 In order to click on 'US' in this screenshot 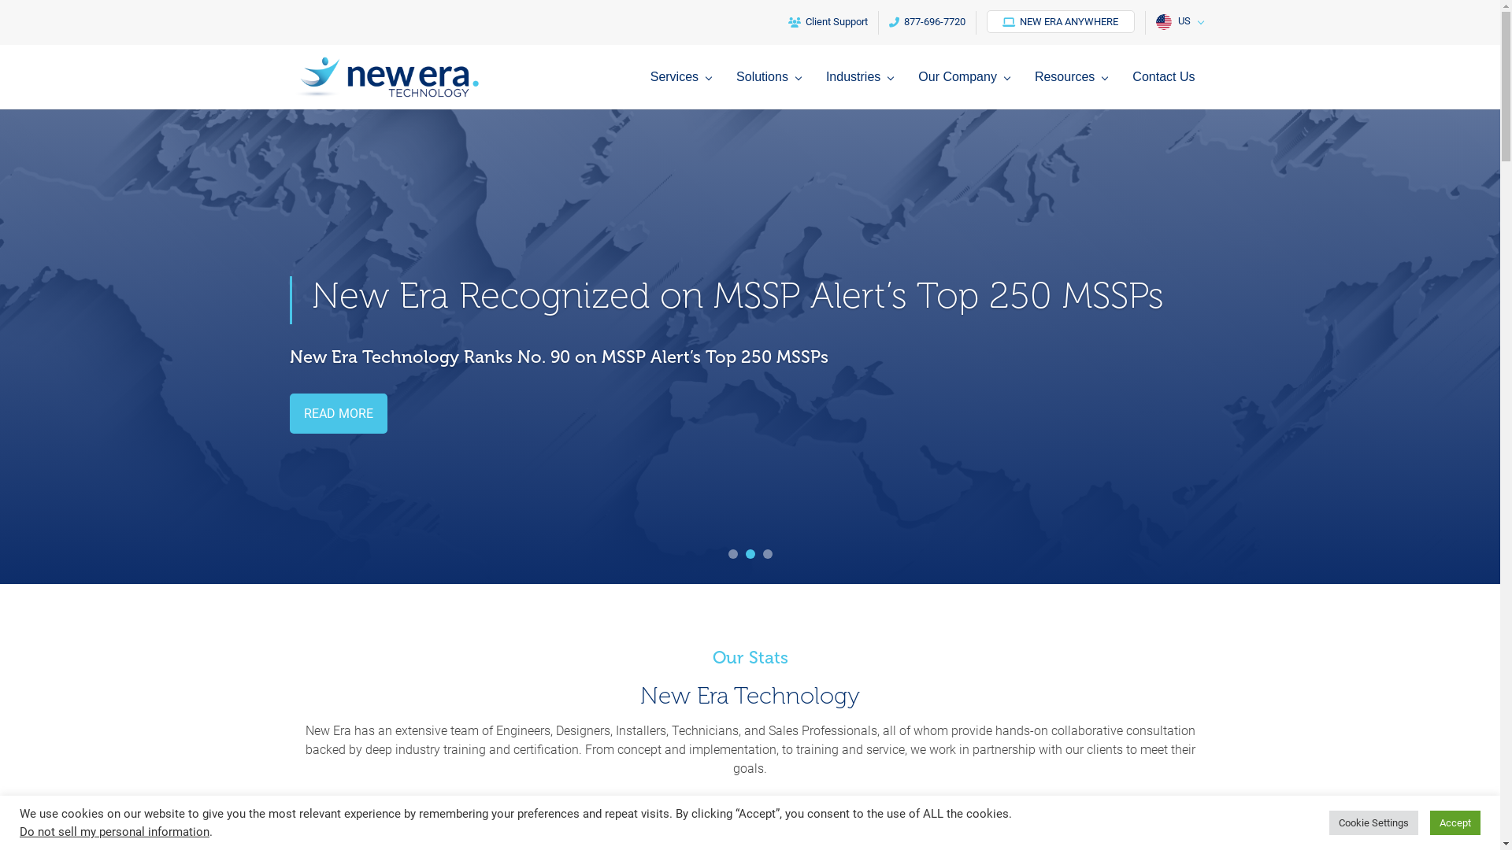, I will do `click(1178, 23)`.